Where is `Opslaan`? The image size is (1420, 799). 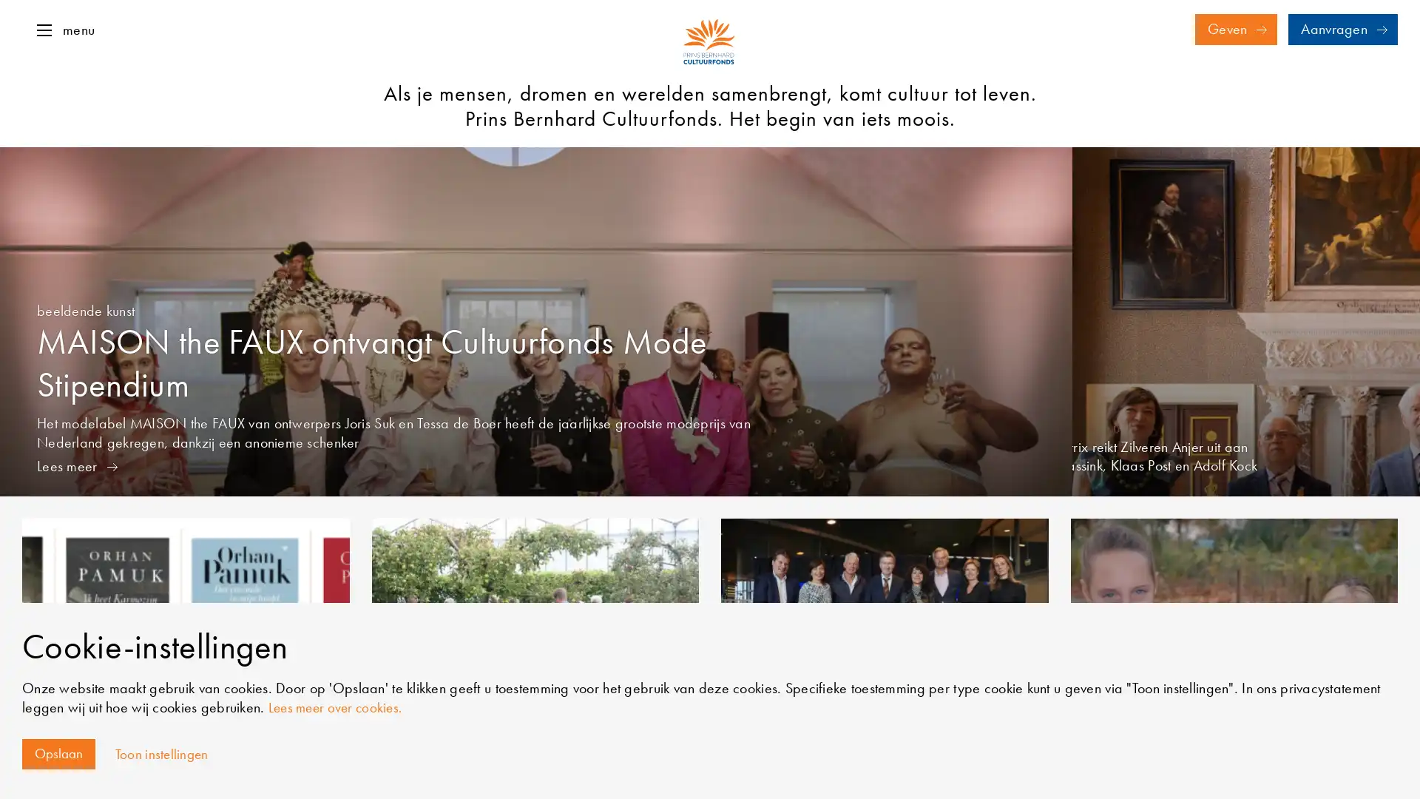
Opslaan is located at coordinates (59, 753).